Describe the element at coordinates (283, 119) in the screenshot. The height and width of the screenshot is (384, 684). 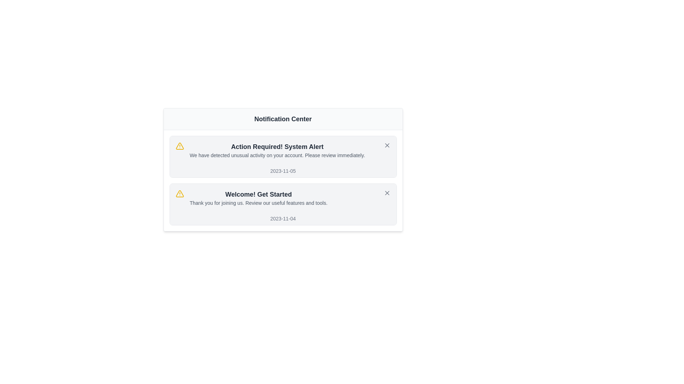
I see `text label that serves as a header for the notification center, positioned at the top of the interface` at that location.